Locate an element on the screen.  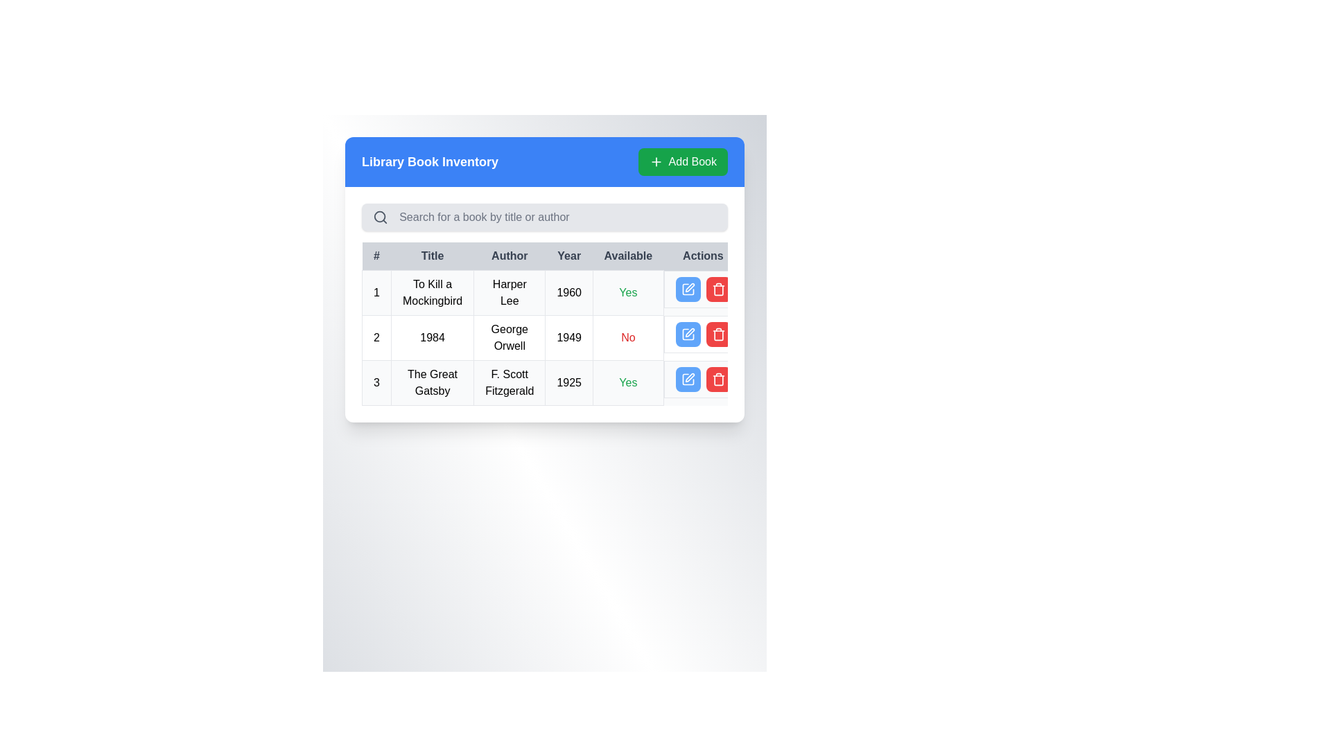
the blue rectangular button with a pencil icon in the 'Actions' column of the second row is located at coordinates (688, 334).